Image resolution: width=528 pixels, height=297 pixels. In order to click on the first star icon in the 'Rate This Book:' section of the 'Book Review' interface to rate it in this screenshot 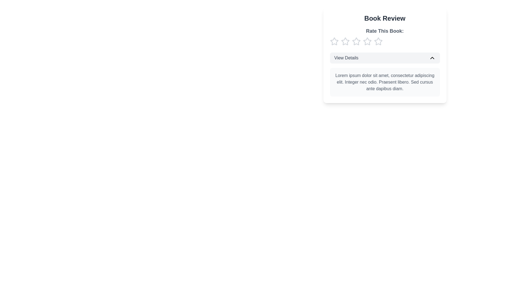, I will do `click(334, 41)`.